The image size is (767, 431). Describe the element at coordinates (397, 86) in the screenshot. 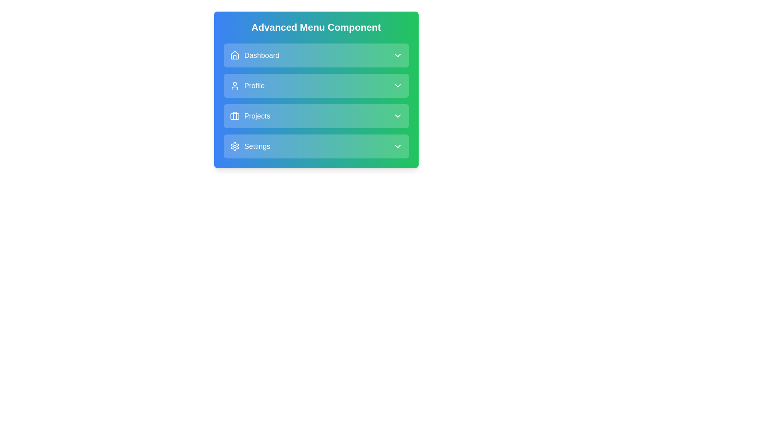

I see `the chevron icon in the 'Profile' section` at that location.